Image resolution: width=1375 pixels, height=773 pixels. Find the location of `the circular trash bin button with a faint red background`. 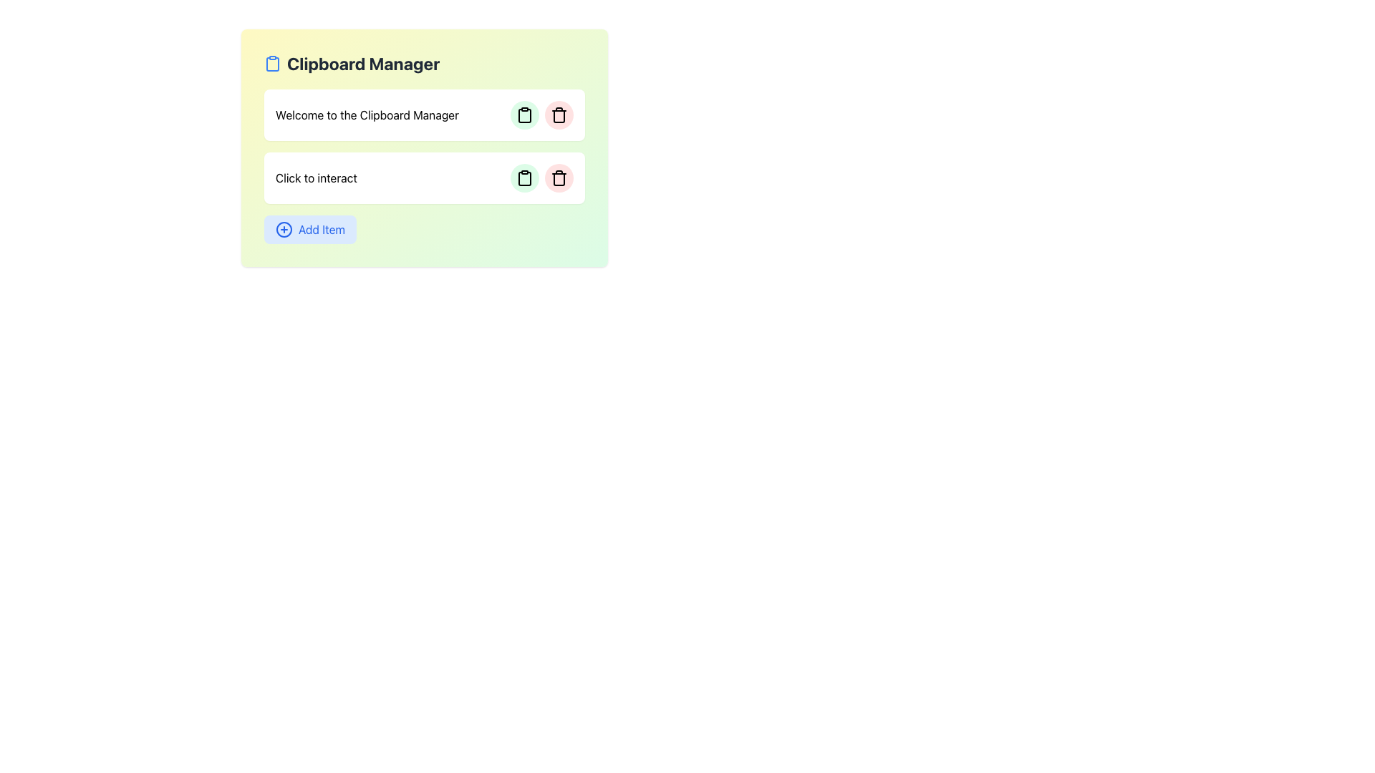

the circular trash bin button with a faint red background is located at coordinates (559, 178).